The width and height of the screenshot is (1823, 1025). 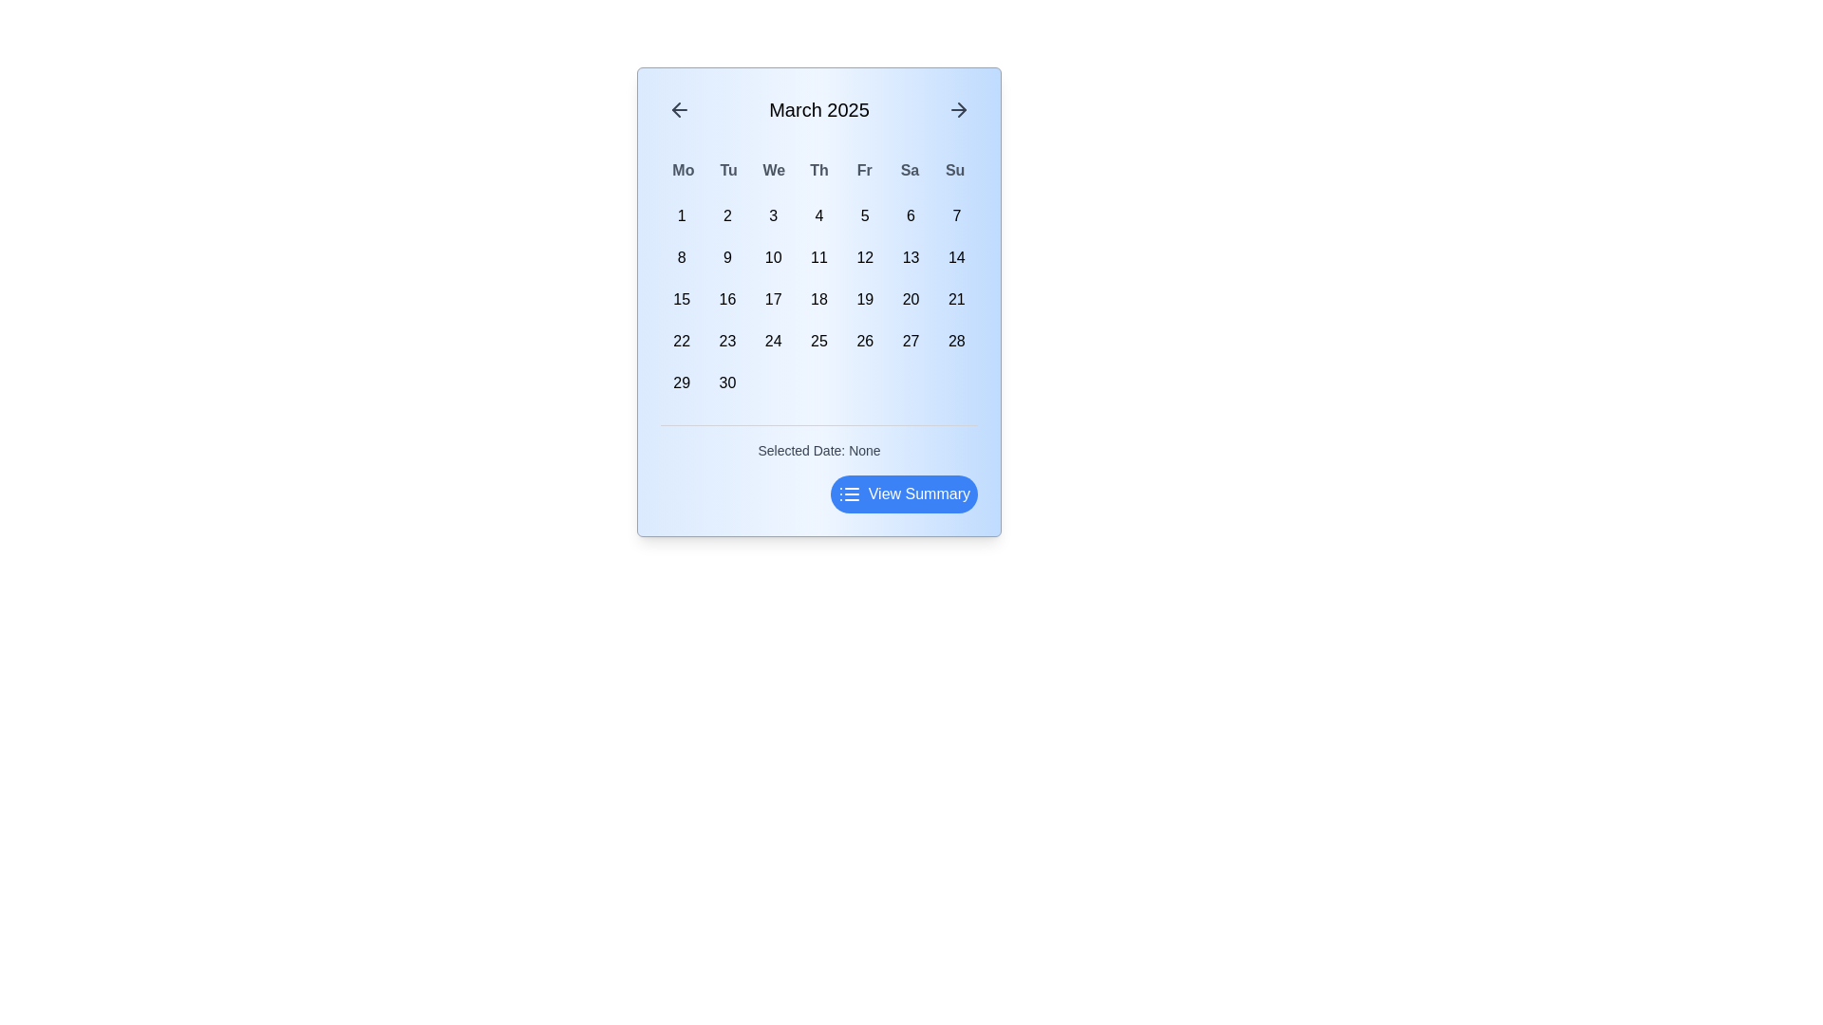 I want to click on the circular button labeled '25' in the calendar grid layout, so click(x=819, y=340).